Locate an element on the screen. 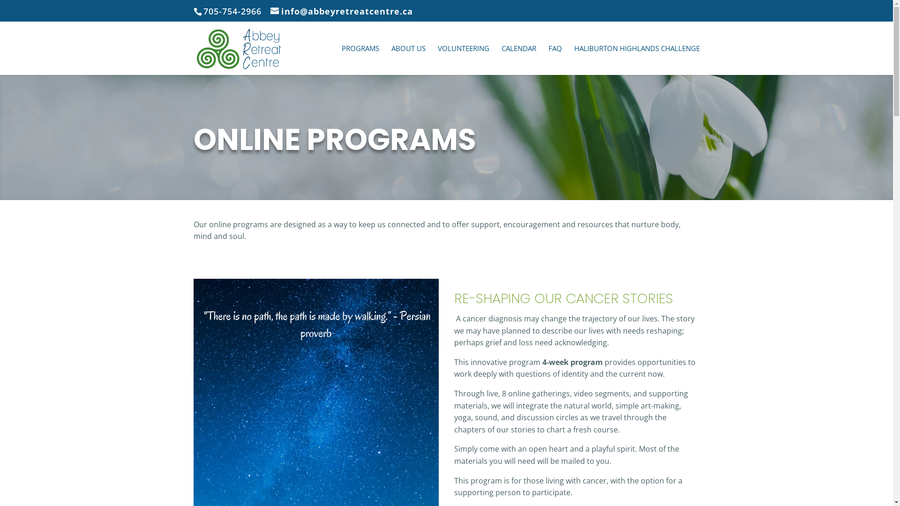  'PROGRAMS' is located at coordinates (360, 60).